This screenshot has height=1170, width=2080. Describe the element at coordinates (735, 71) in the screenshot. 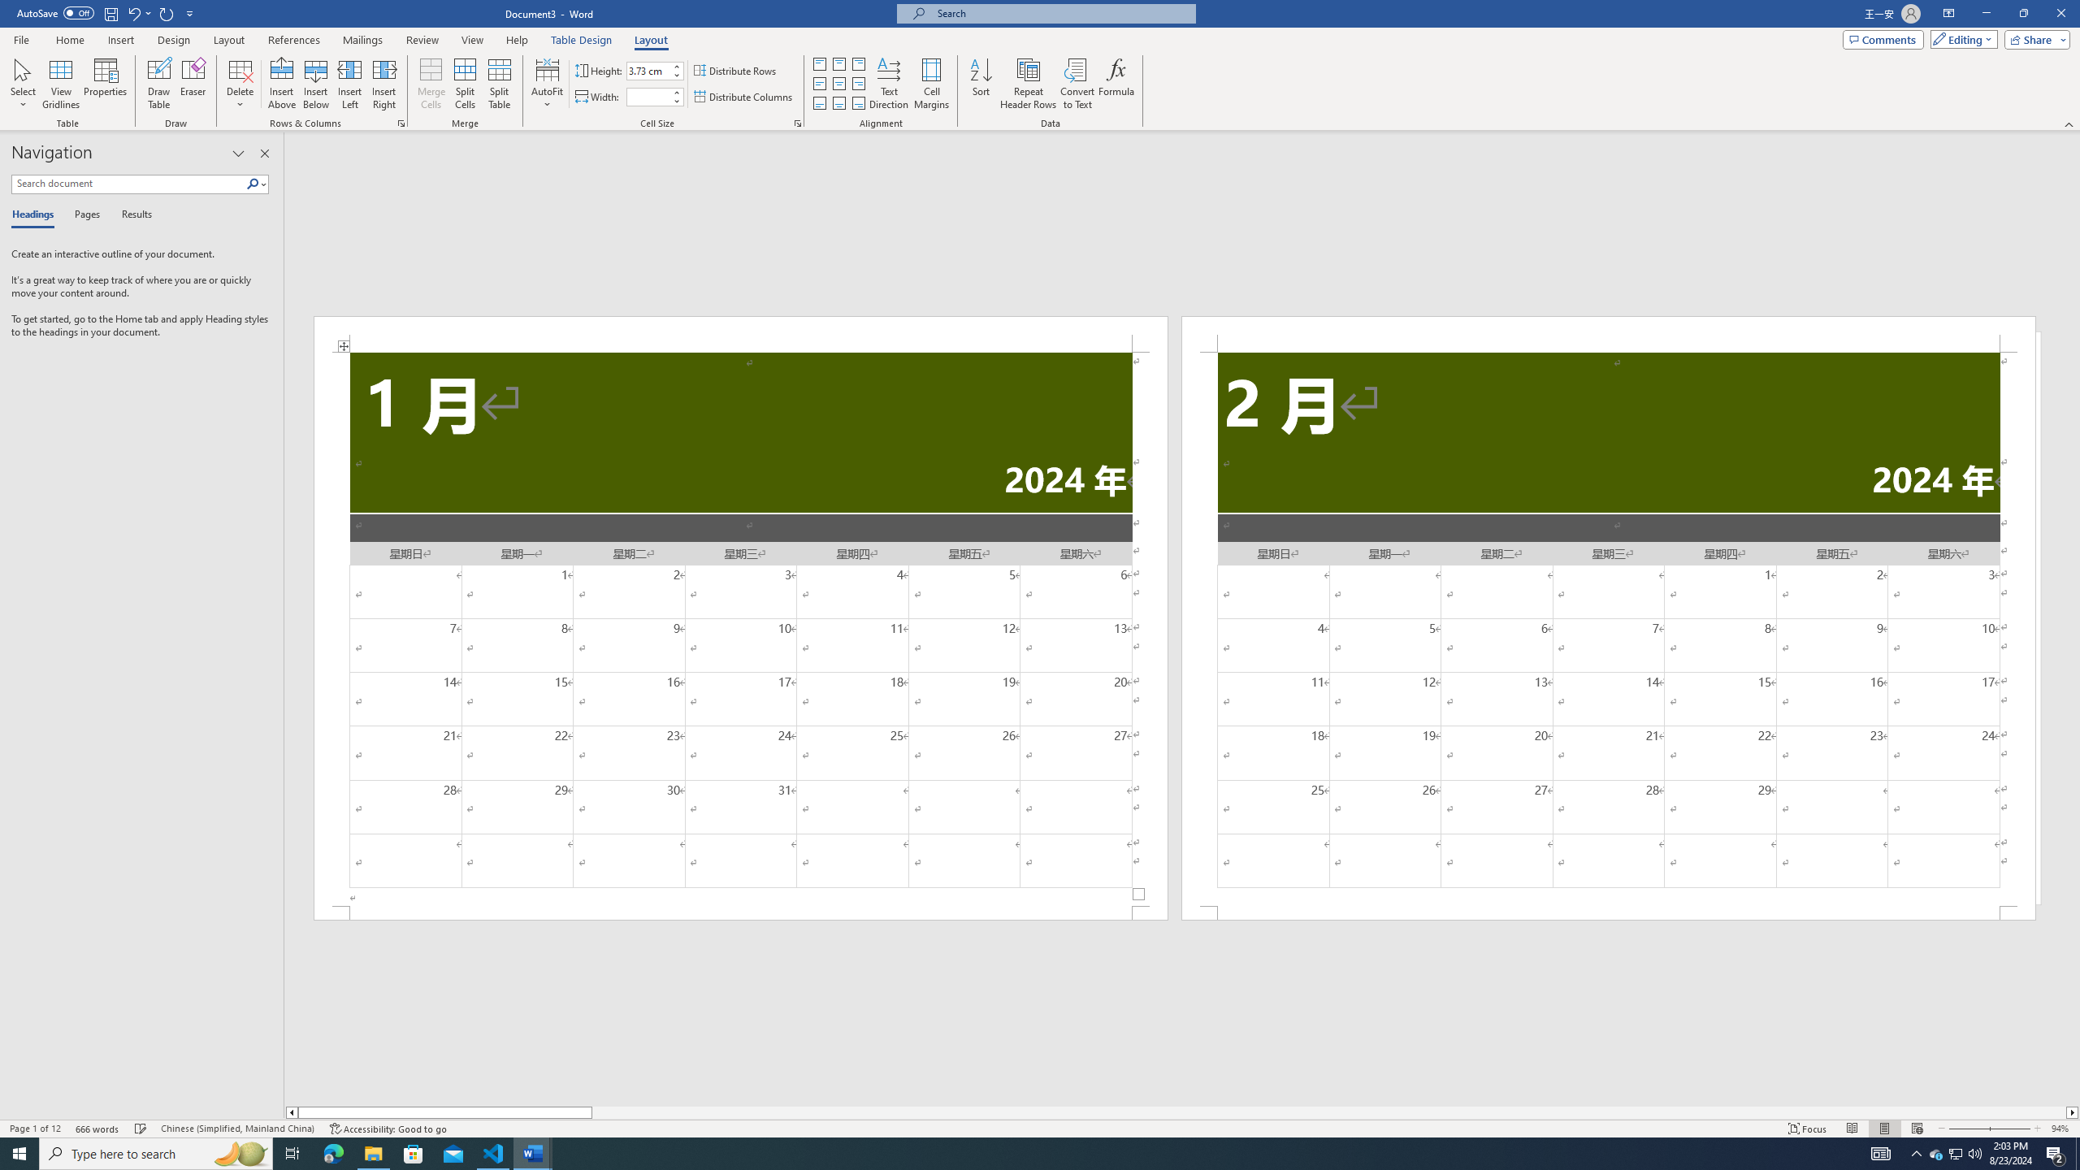

I see `'Distribute Rows'` at that location.